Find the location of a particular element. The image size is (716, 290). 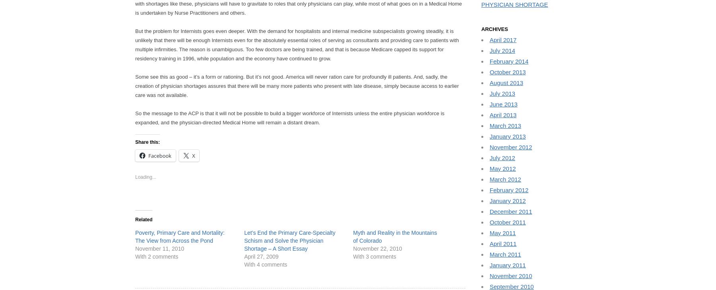

'Some see this as good – it’s a form or rationing. But it’s not good. America will never ration care for profoundly ill patients. And, sadly, the creation of physician shortages assures that there will be many more patients who present with late disease, simply because access to earlier care was not available.' is located at coordinates (135, 86).